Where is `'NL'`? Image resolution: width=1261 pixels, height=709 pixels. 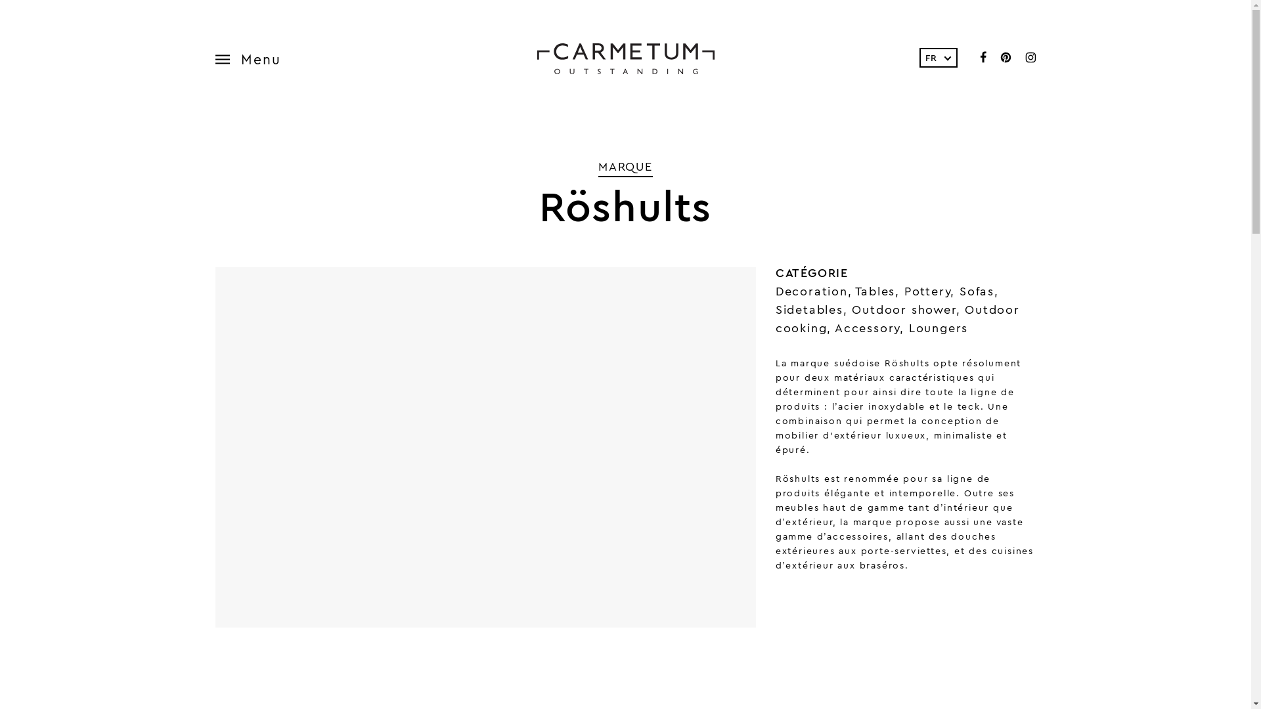 'NL' is located at coordinates (923, 75).